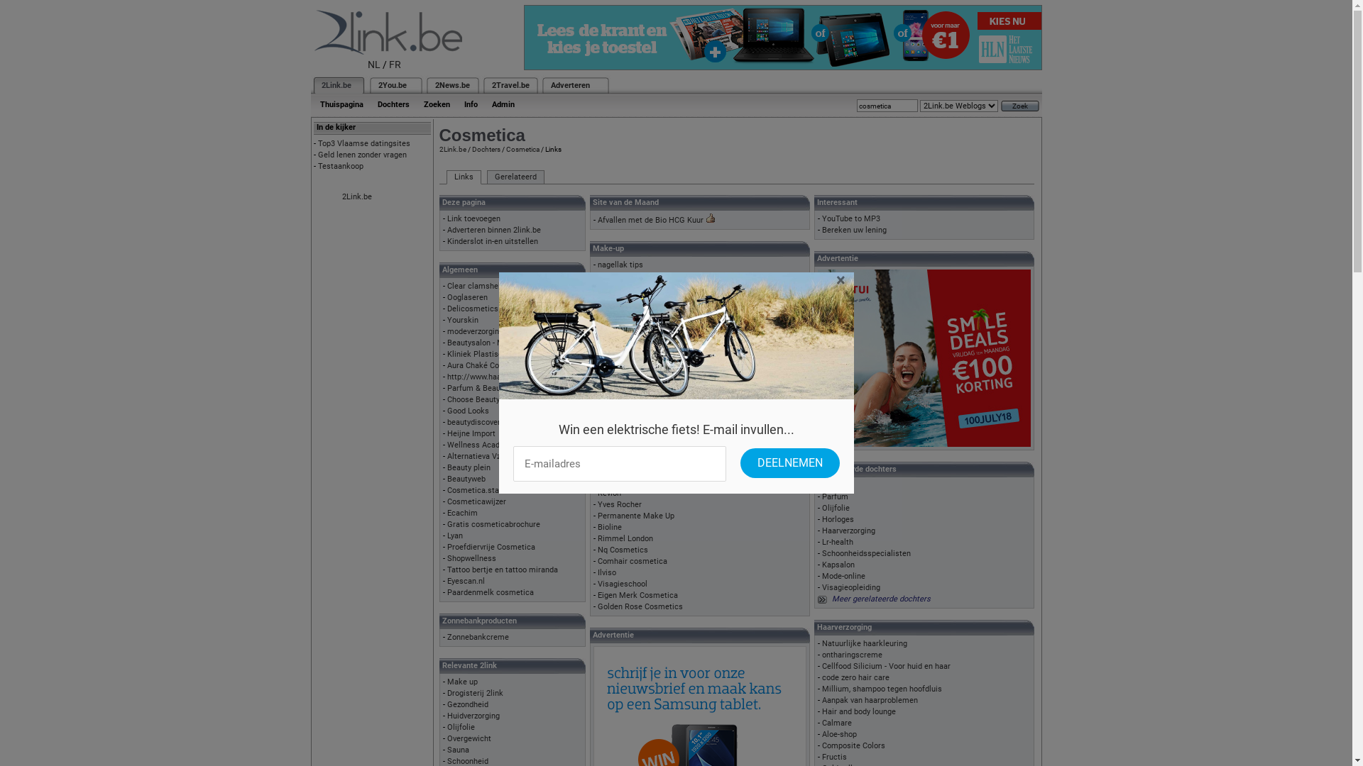 The width and height of the screenshot is (1363, 766). I want to click on 'code zero hair care', so click(821, 677).